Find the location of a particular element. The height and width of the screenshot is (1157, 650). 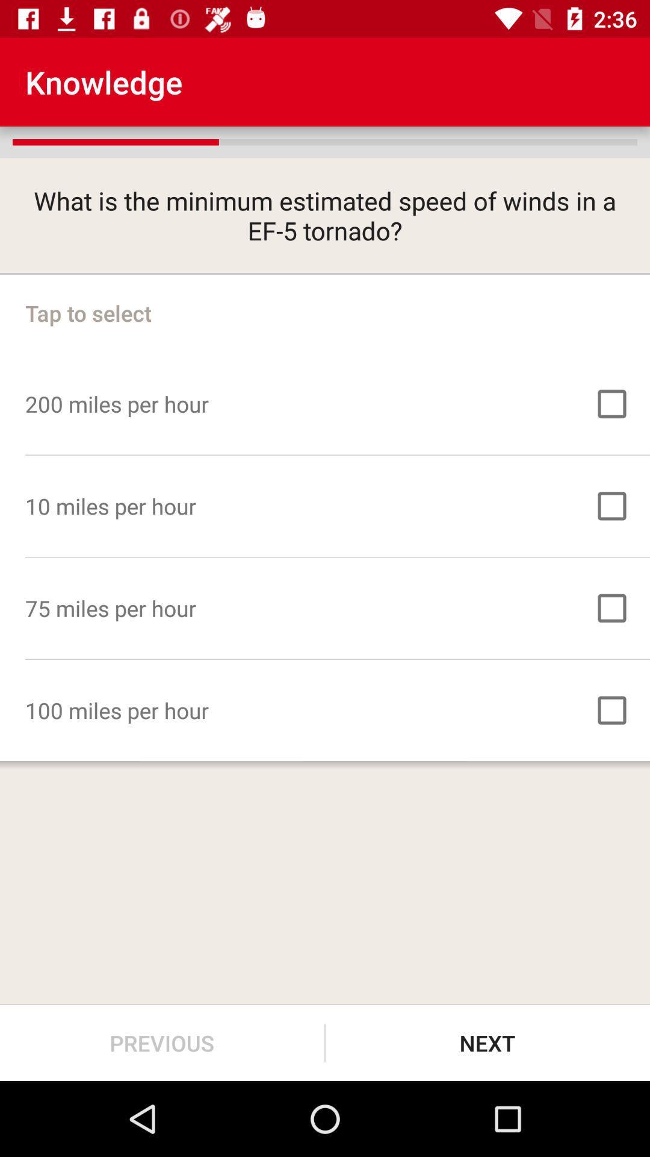

the item at the bottom left corner is located at coordinates (161, 1043).